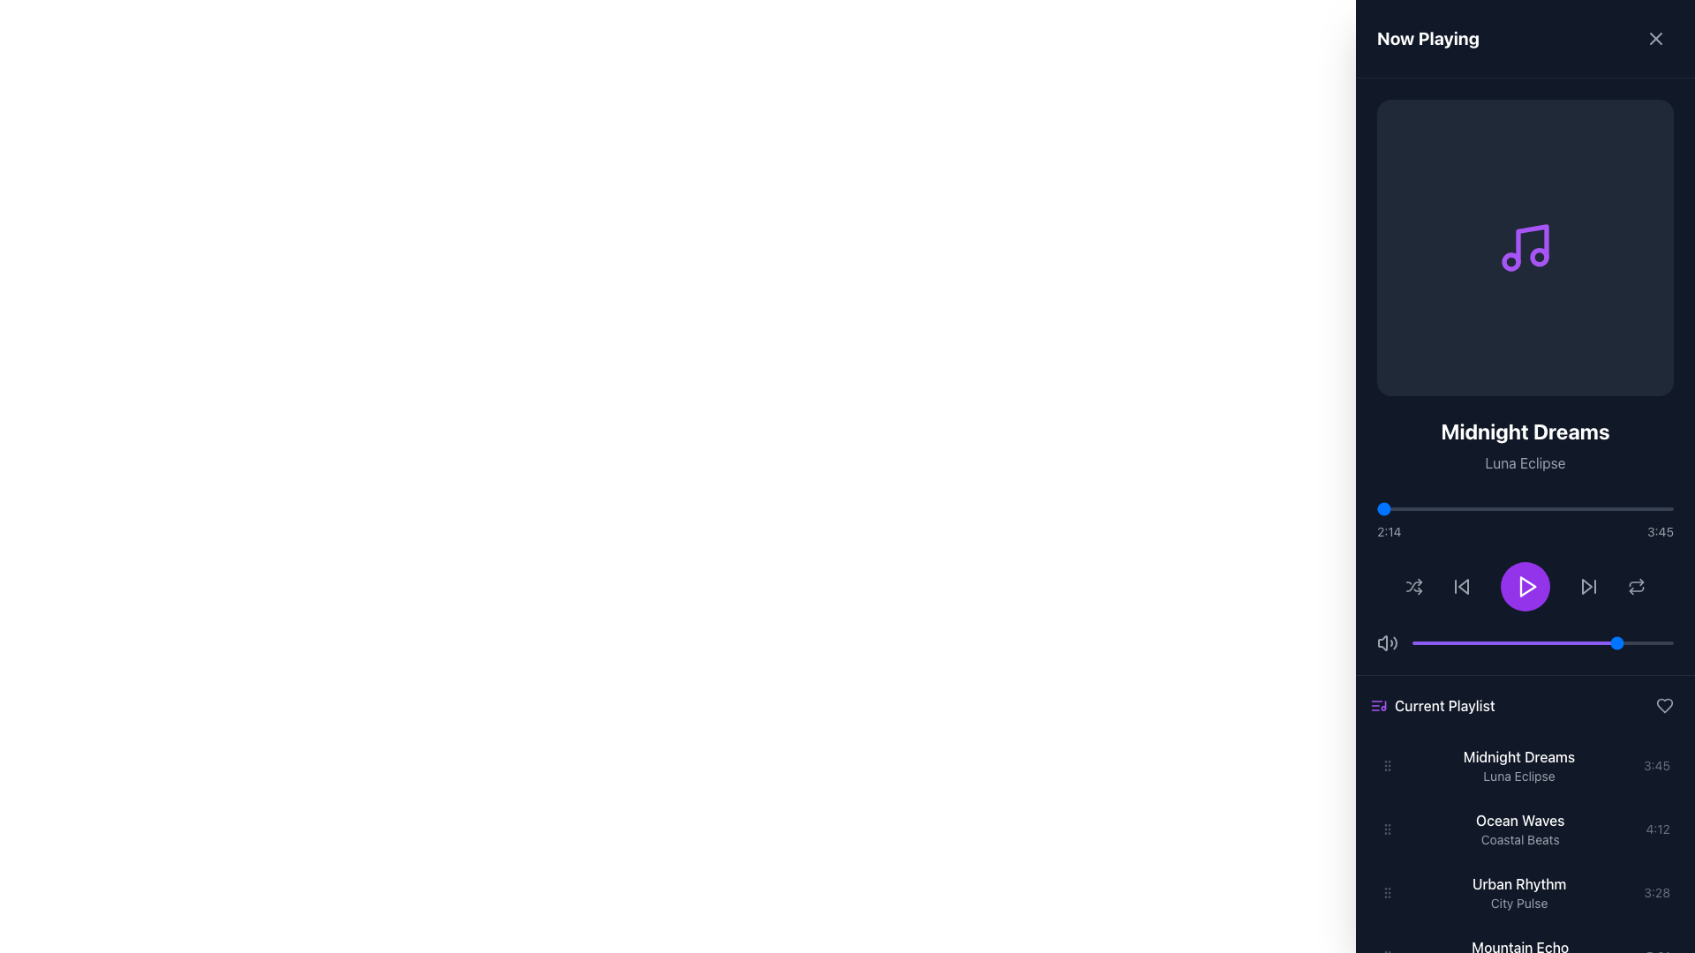 This screenshot has height=953, width=1695. I want to click on the graphical icon component representing the base body of the volume icon, indicative of a speaker or sound source, so click(1382, 643).